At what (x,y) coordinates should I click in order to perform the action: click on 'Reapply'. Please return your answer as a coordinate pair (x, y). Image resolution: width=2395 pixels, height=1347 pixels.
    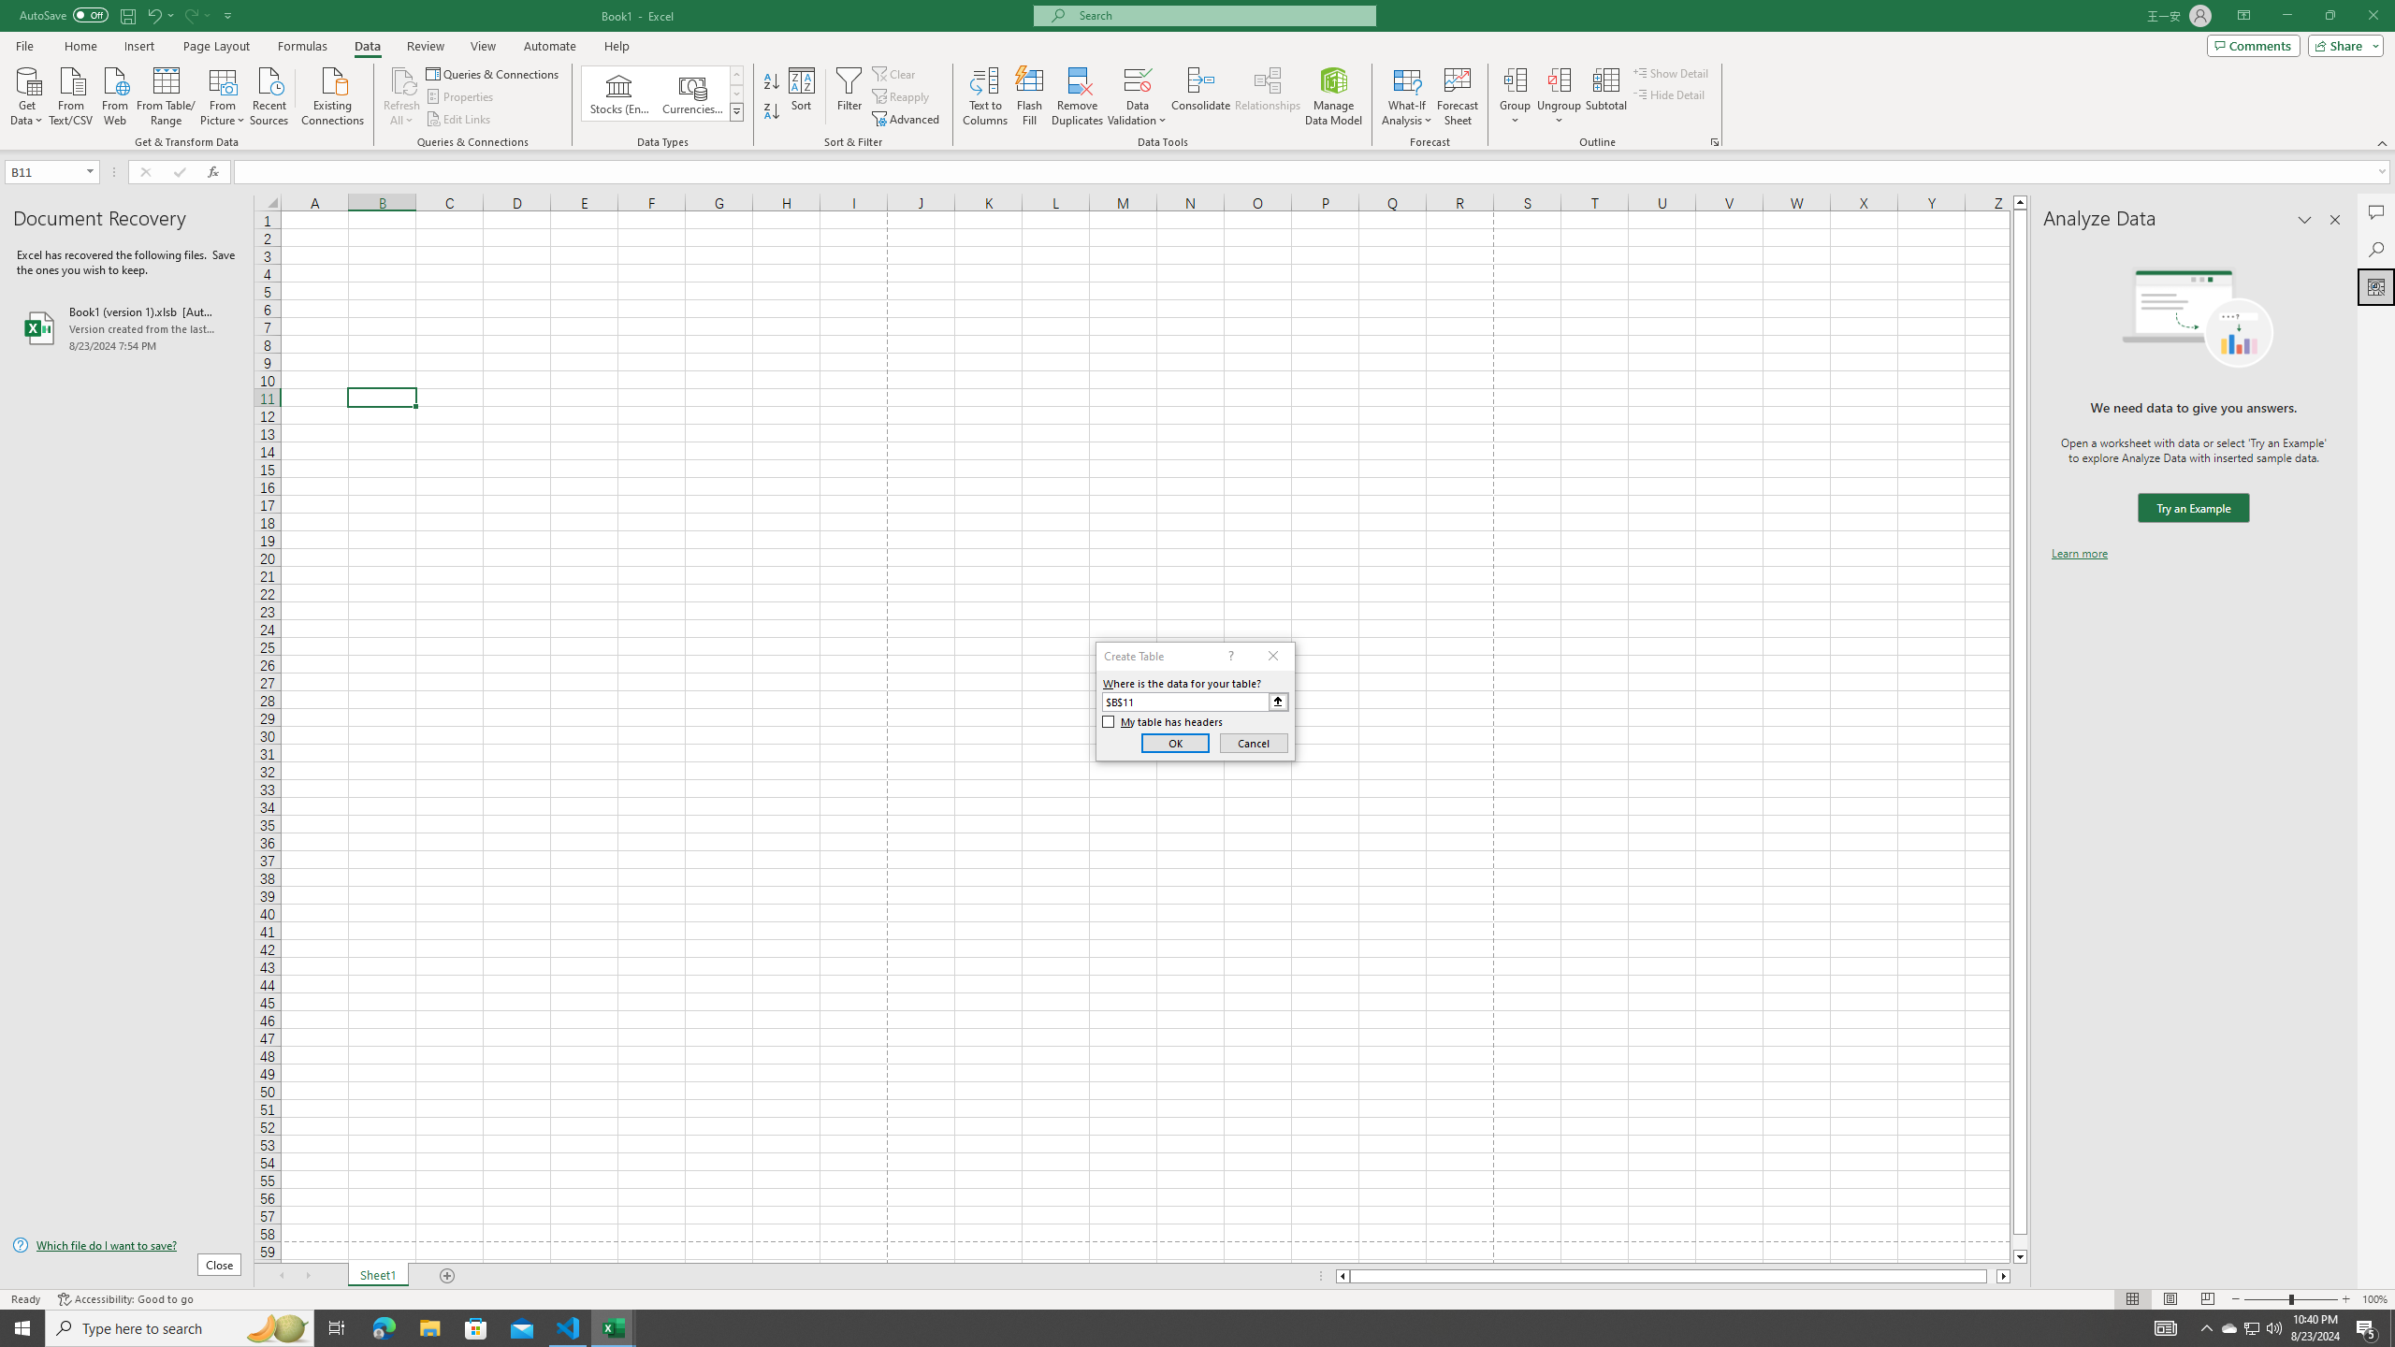
    Looking at the image, I should click on (903, 96).